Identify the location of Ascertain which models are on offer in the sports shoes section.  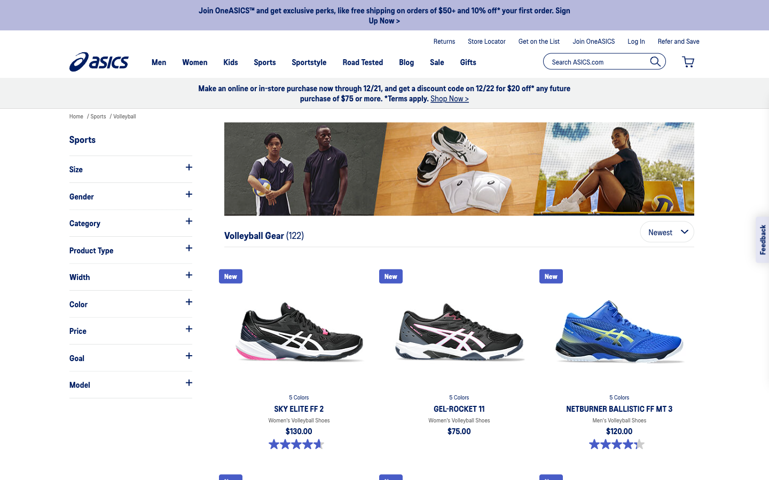
(130, 383).